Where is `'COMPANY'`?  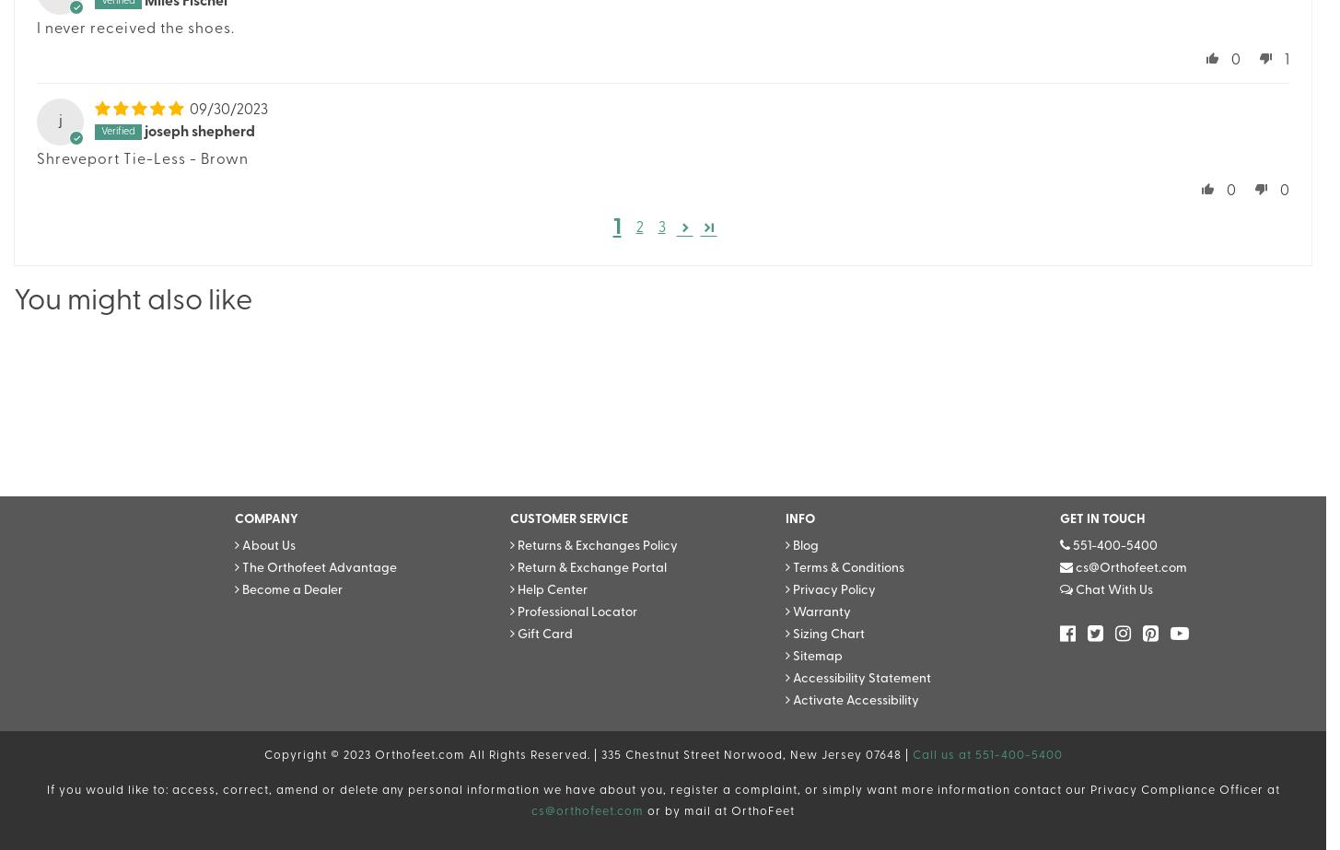 'COMPANY' is located at coordinates (266, 518).